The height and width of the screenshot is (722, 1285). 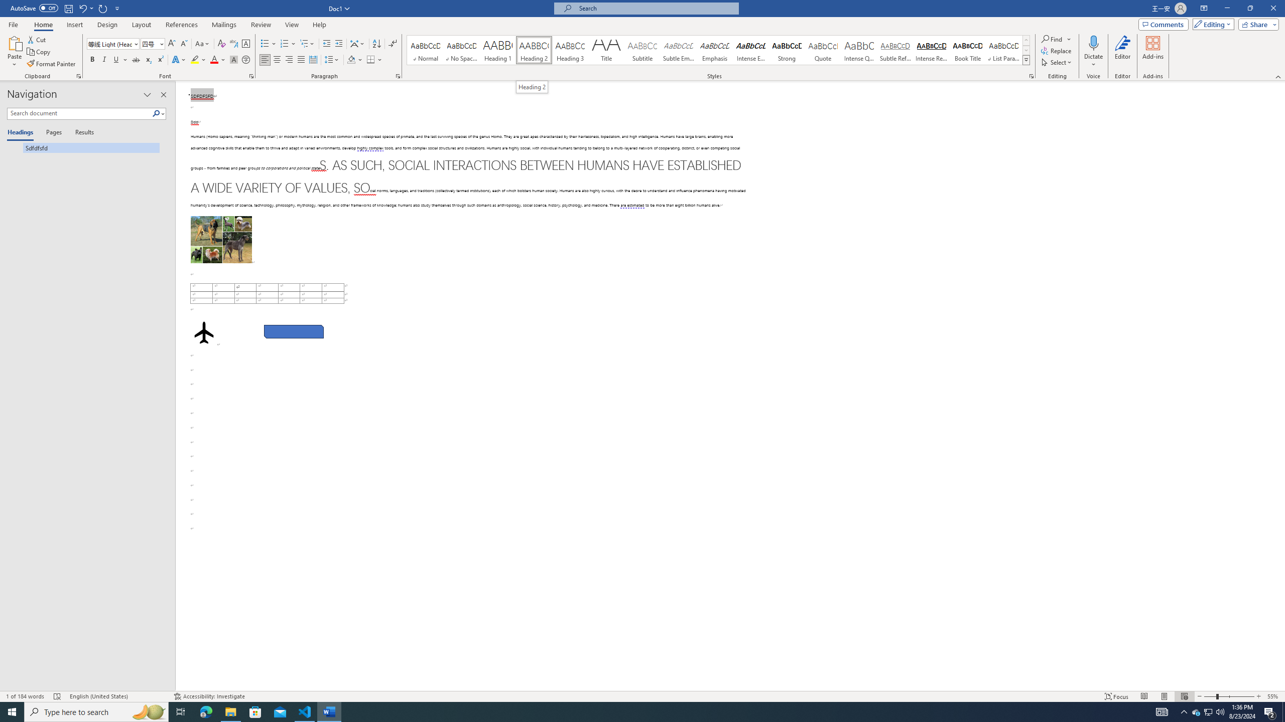 What do you see at coordinates (276, 59) in the screenshot?
I see `'Center'` at bounding box center [276, 59].